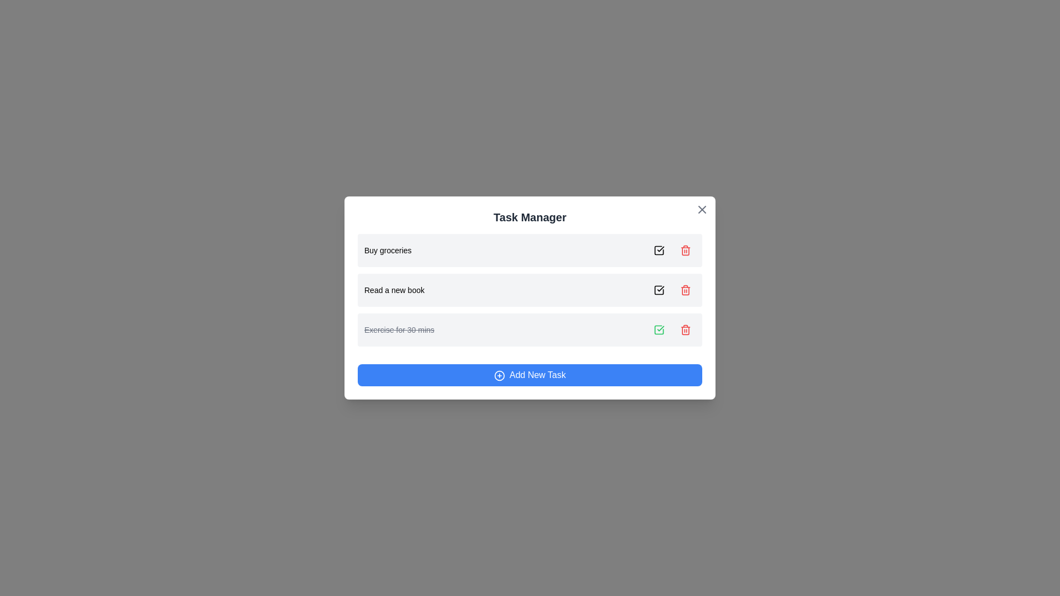 This screenshot has width=1060, height=596. I want to click on the button located to the right of the 'Exercise for 30 mins' task item to mark the task as complete, so click(659, 329).